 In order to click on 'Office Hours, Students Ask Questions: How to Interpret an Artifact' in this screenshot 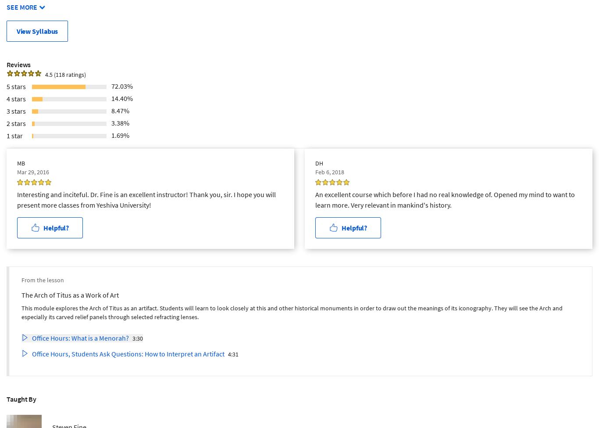, I will do `click(128, 353)`.